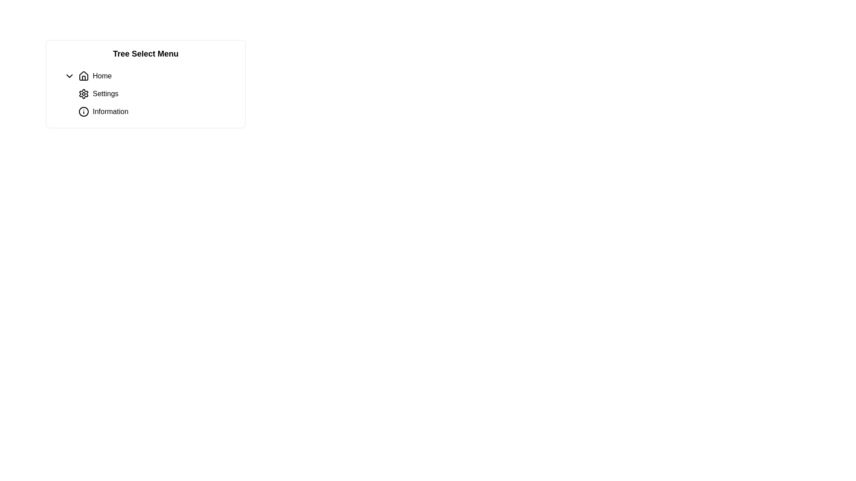 The width and height of the screenshot is (856, 481). I want to click on the 'Settings' icon located in the 'Tree Select Menu', which is positioned to the left of the 'Settings' label, so click(83, 94).